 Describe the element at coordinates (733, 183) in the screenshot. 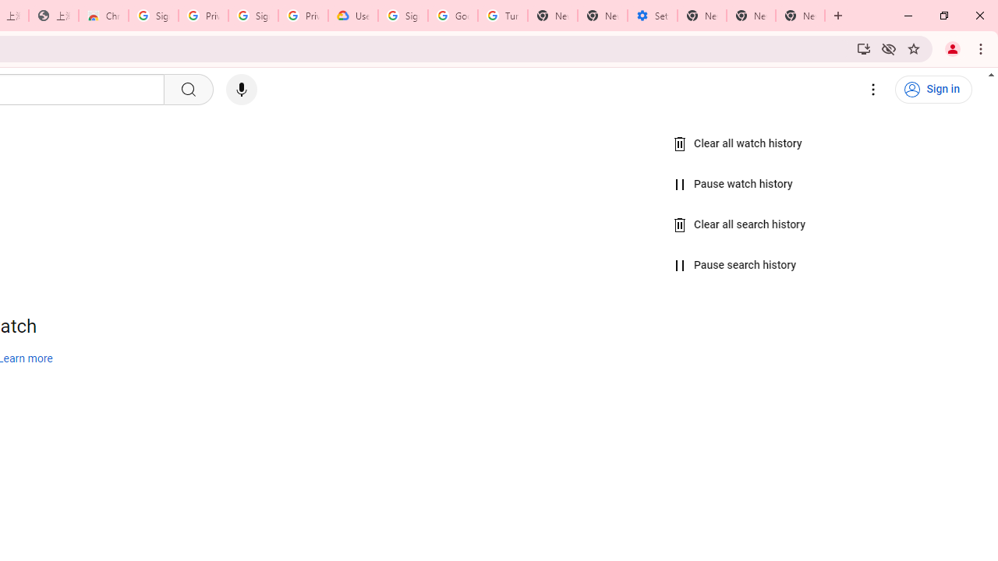

I see `'Pause watch history'` at that location.